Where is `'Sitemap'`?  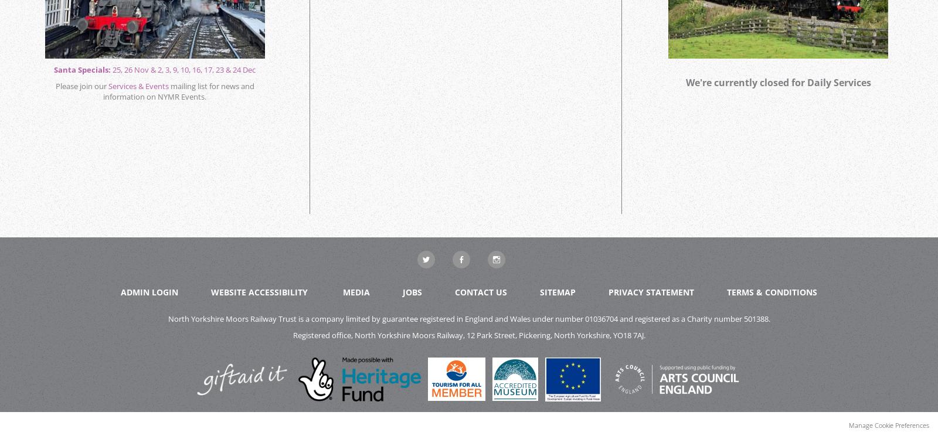 'Sitemap' is located at coordinates (557, 291).